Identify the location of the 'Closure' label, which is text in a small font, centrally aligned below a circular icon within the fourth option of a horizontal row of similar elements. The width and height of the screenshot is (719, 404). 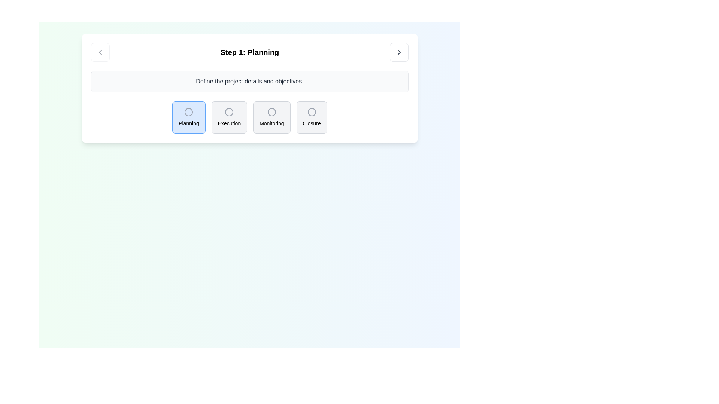
(312, 123).